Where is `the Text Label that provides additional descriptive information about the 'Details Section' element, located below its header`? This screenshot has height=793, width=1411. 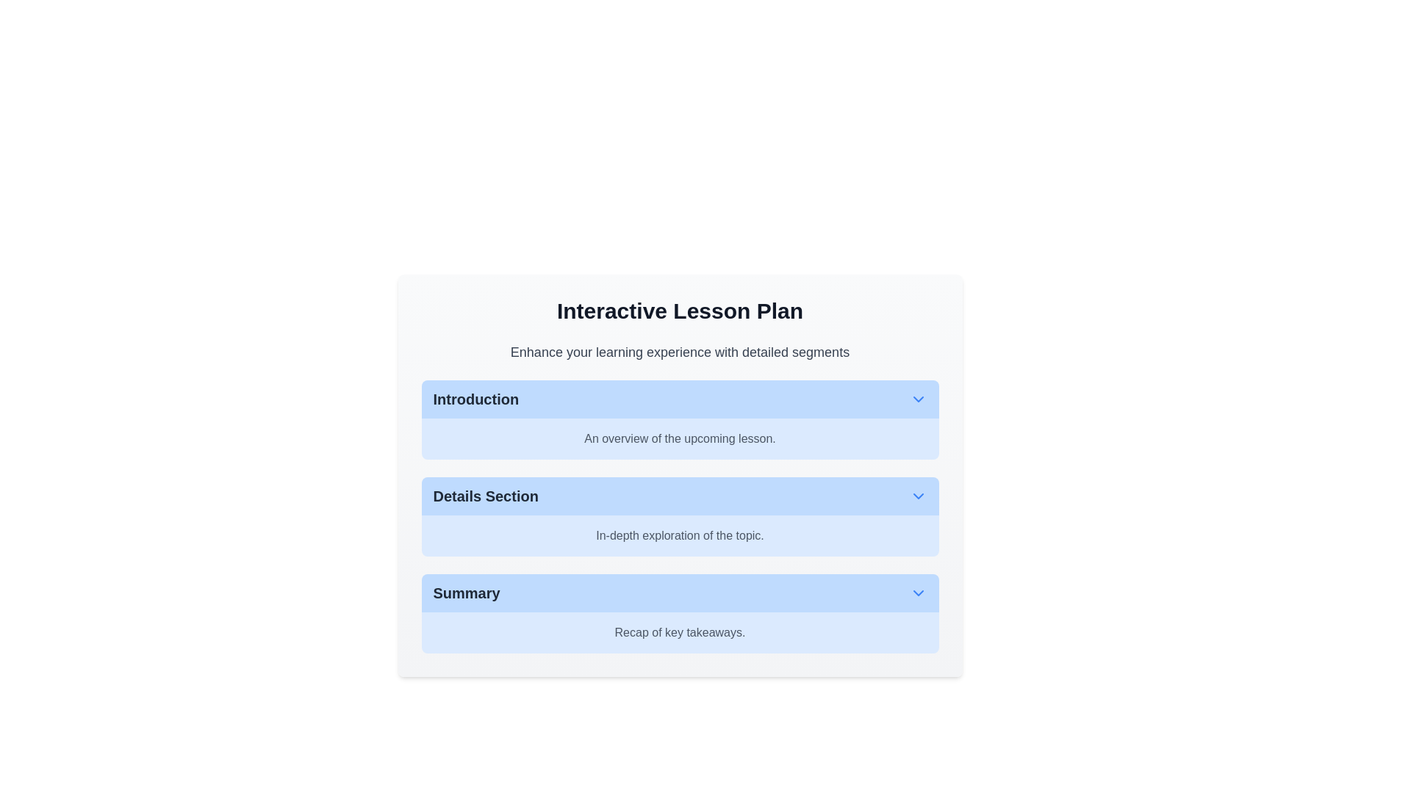
the Text Label that provides additional descriptive information about the 'Details Section' element, located below its header is located at coordinates (679, 535).